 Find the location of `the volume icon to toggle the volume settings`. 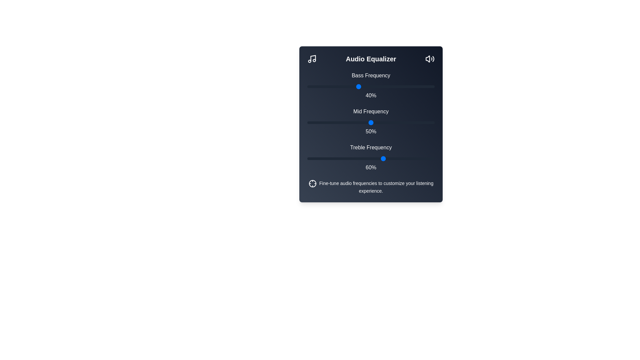

the volume icon to toggle the volume settings is located at coordinates (430, 59).